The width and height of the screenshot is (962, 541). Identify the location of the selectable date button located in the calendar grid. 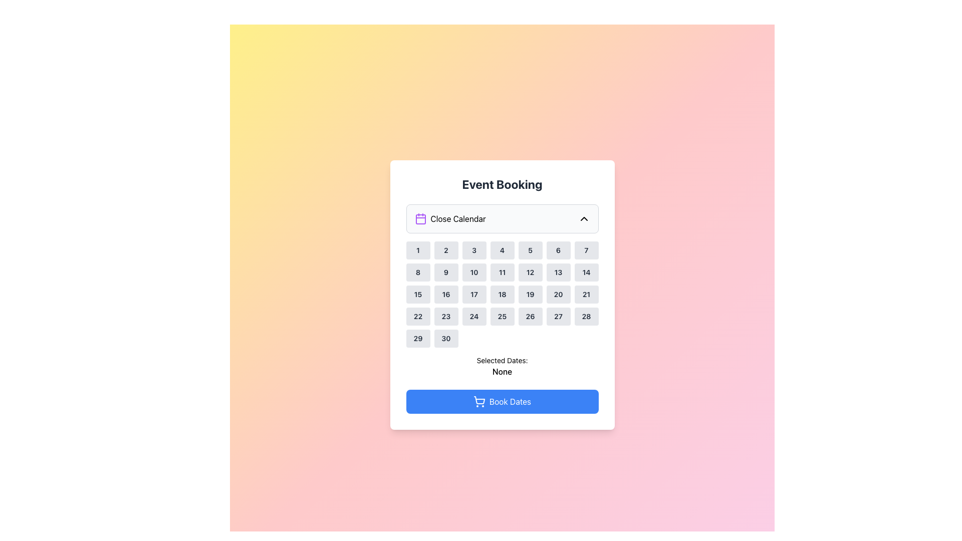
(445, 272).